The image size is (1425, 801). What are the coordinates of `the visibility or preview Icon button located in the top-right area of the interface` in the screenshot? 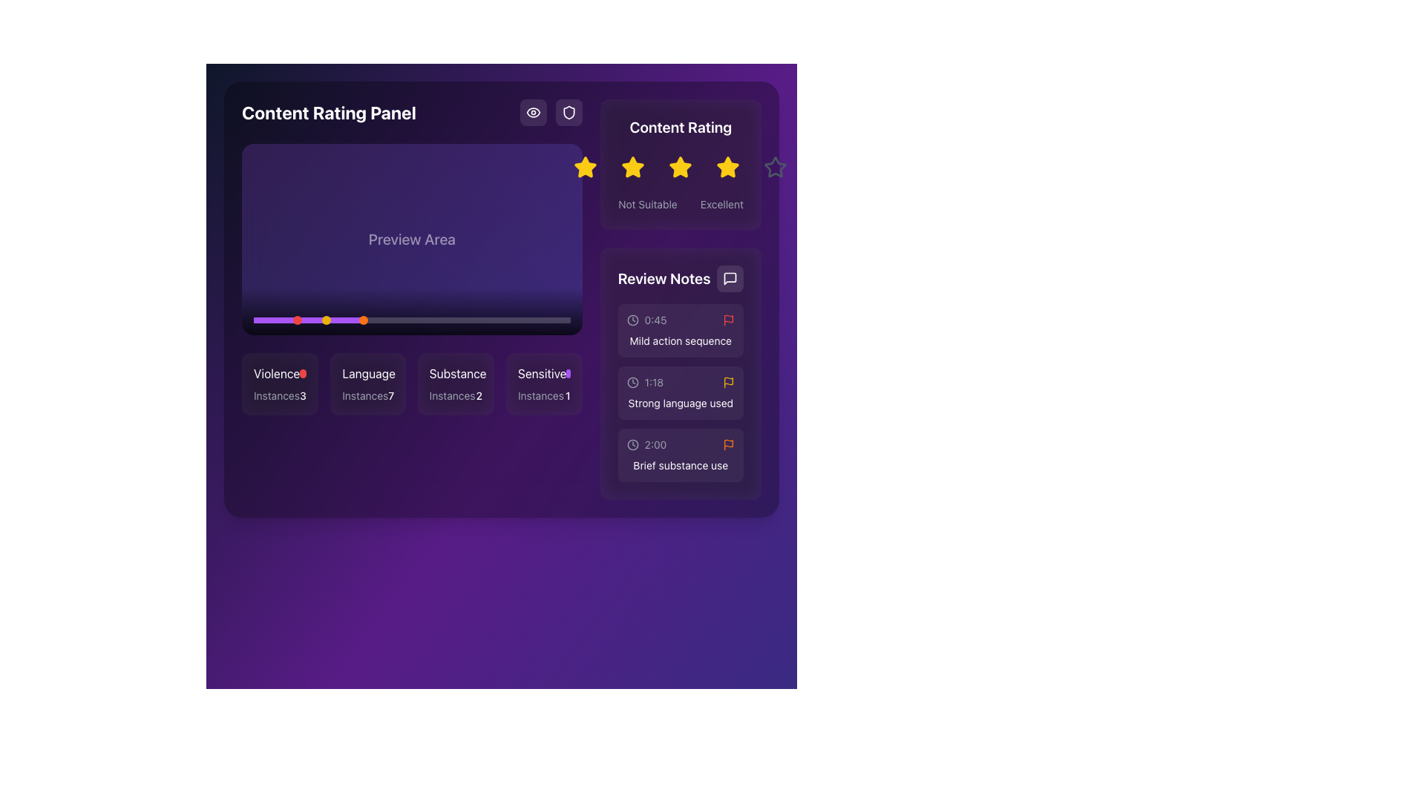 It's located at (533, 111).